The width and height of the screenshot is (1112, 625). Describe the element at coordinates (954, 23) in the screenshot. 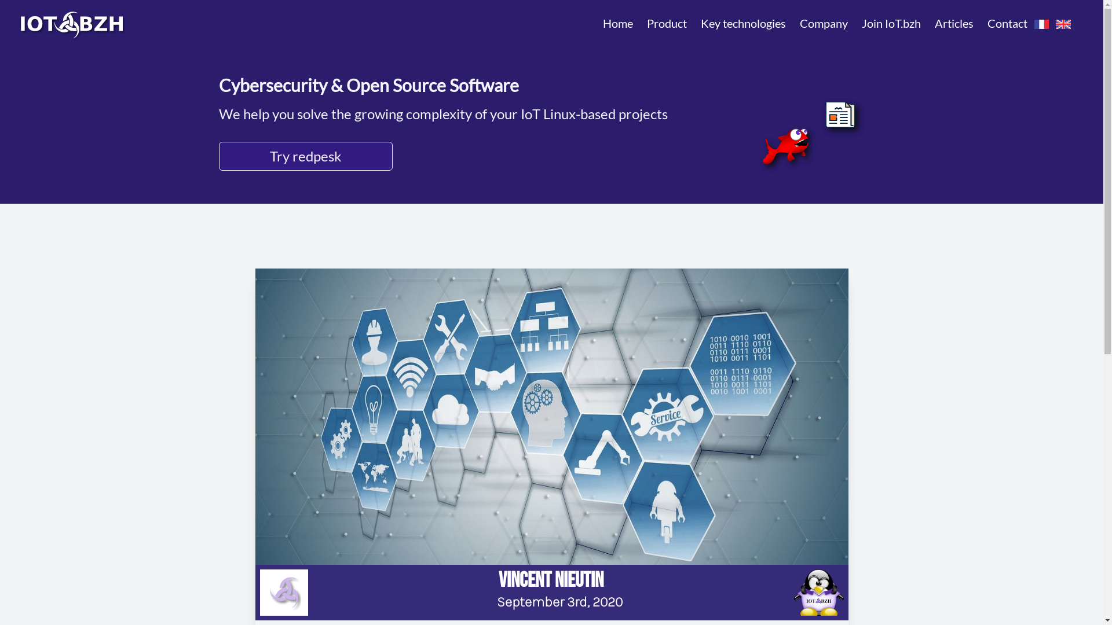

I see `'Articles'` at that location.